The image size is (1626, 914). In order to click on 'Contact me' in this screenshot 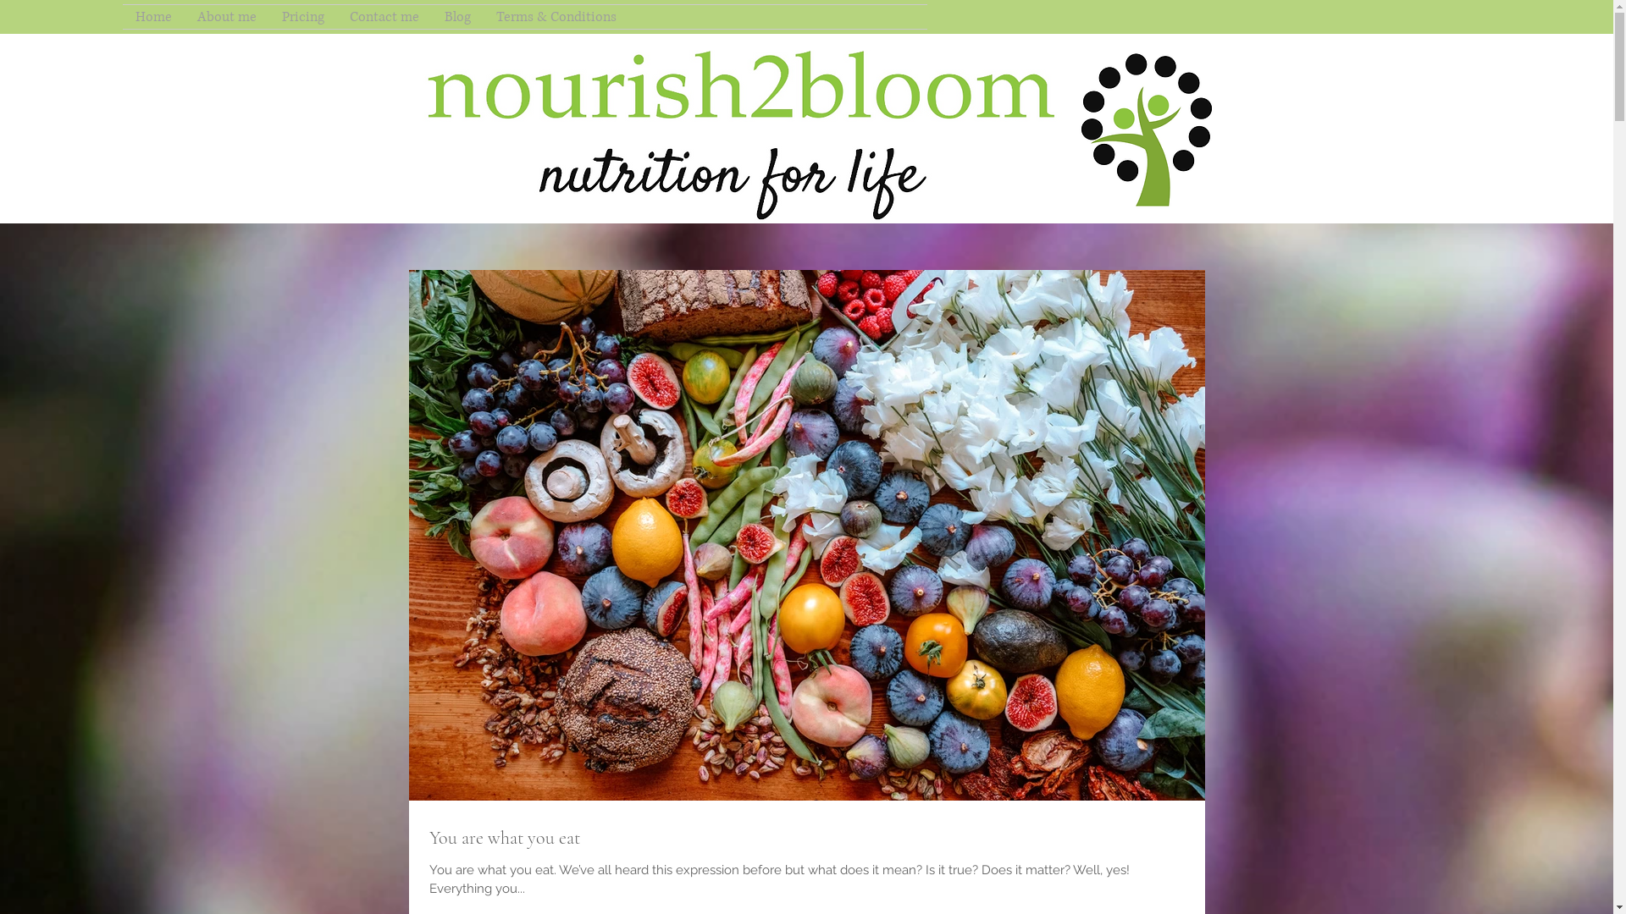, I will do `click(384, 16)`.